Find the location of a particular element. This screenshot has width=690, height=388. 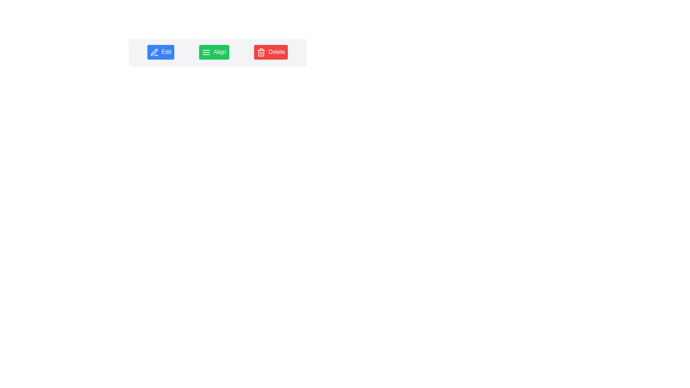

the 'Delete' button, which is the rightmost button in a horizontal group containing 'Edit', 'Align', and 'Delete' is located at coordinates (271, 52).